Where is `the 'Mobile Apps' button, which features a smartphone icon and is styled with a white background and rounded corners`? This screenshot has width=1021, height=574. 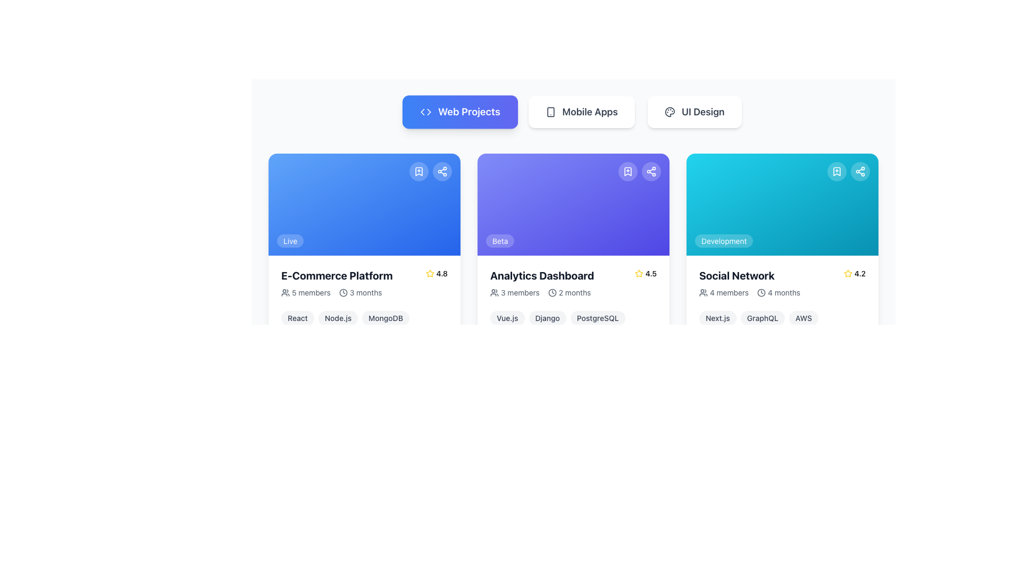 the 'Mobile Apps' button, which features a smartphone icon and is styled with a white background and rounded corners is located at coordinates (581, 112).